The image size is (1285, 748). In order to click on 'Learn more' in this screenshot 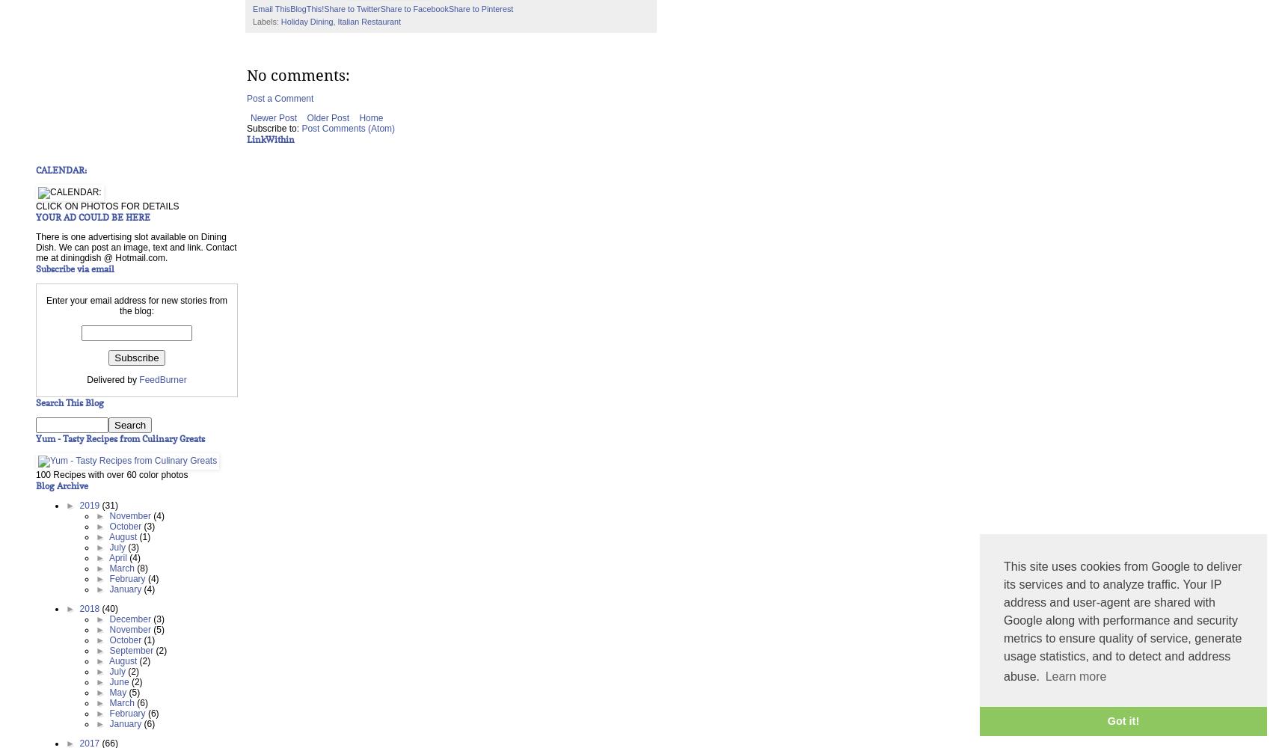, I will do `click(1074, 676)`.